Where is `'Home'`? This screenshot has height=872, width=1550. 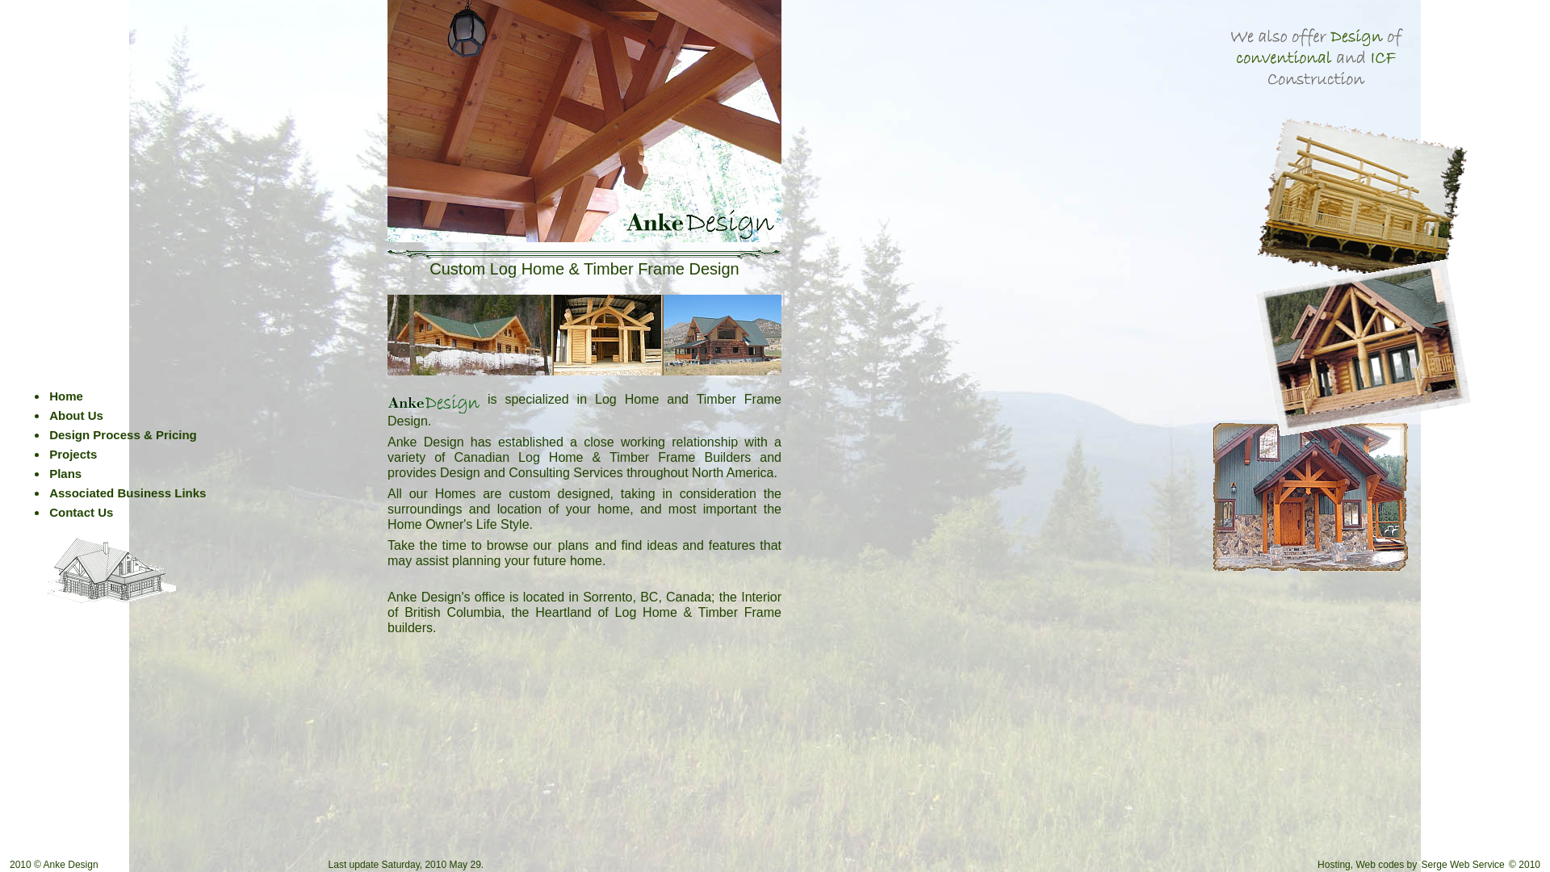
'Home' is located at coordinates (65, 396).